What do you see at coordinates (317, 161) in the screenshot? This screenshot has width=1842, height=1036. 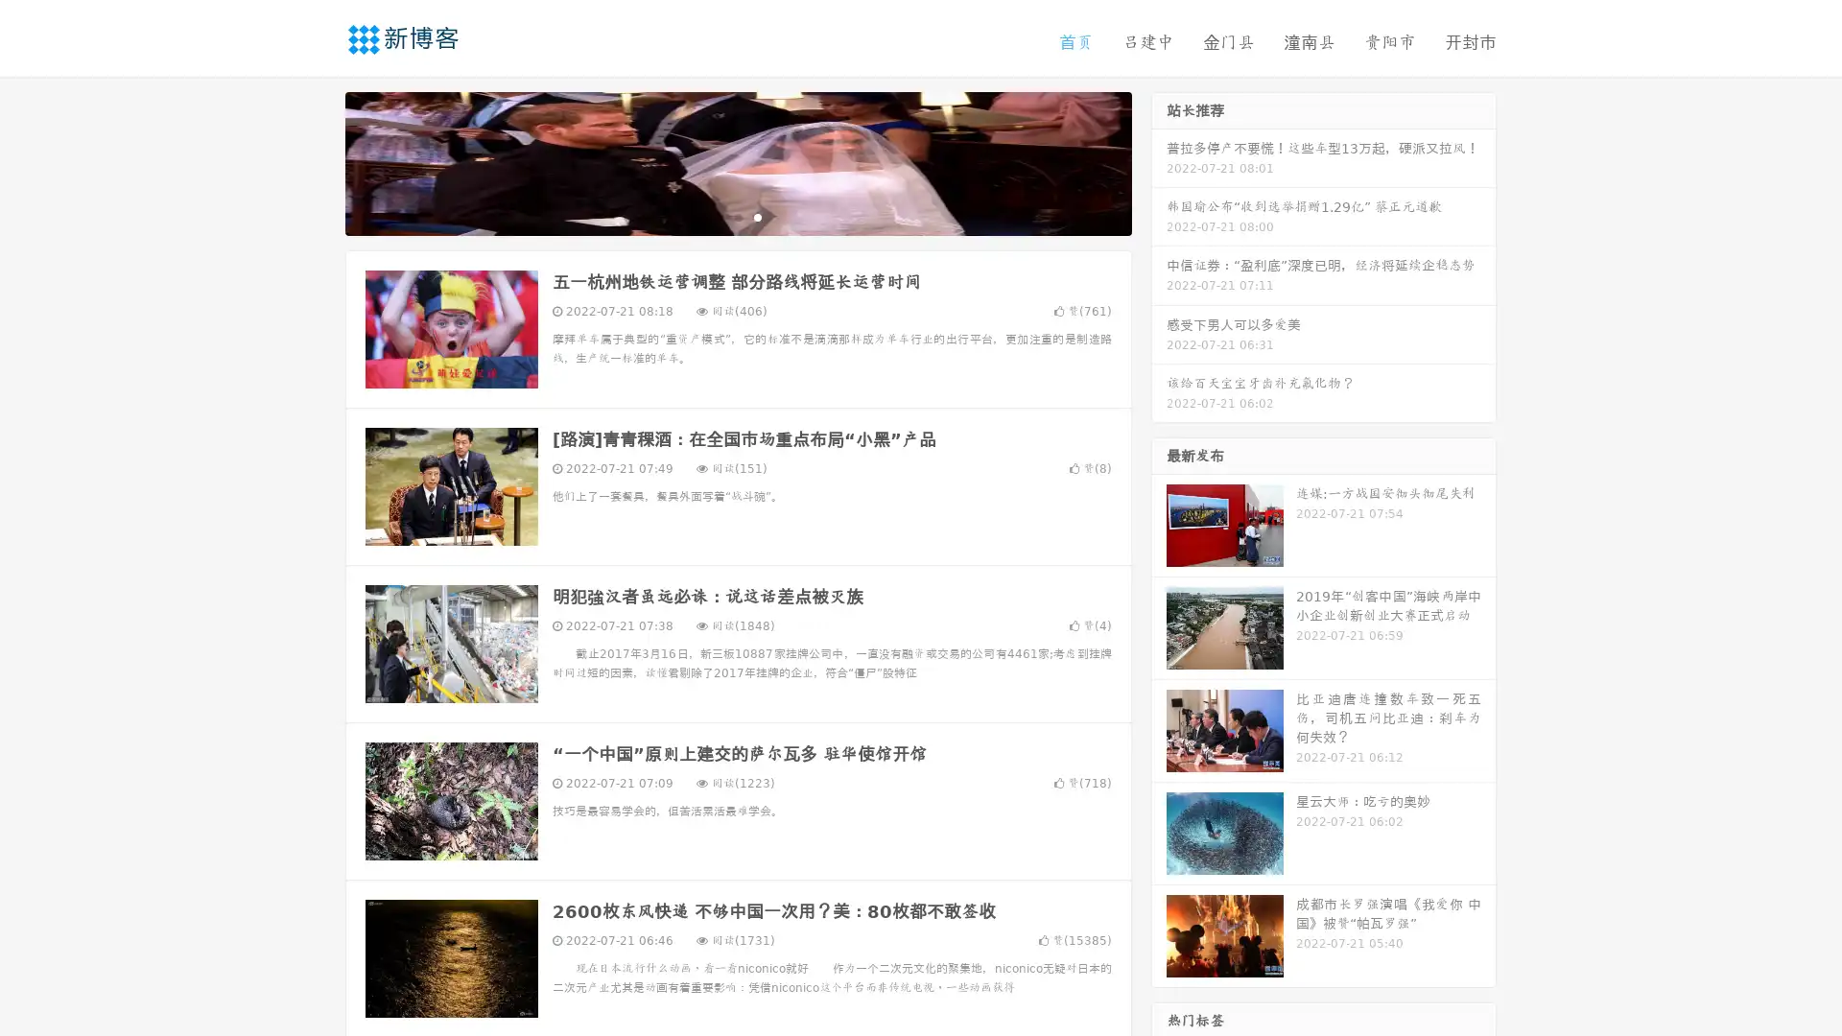 I see `Previous slide` at bounding box center [317, 161].